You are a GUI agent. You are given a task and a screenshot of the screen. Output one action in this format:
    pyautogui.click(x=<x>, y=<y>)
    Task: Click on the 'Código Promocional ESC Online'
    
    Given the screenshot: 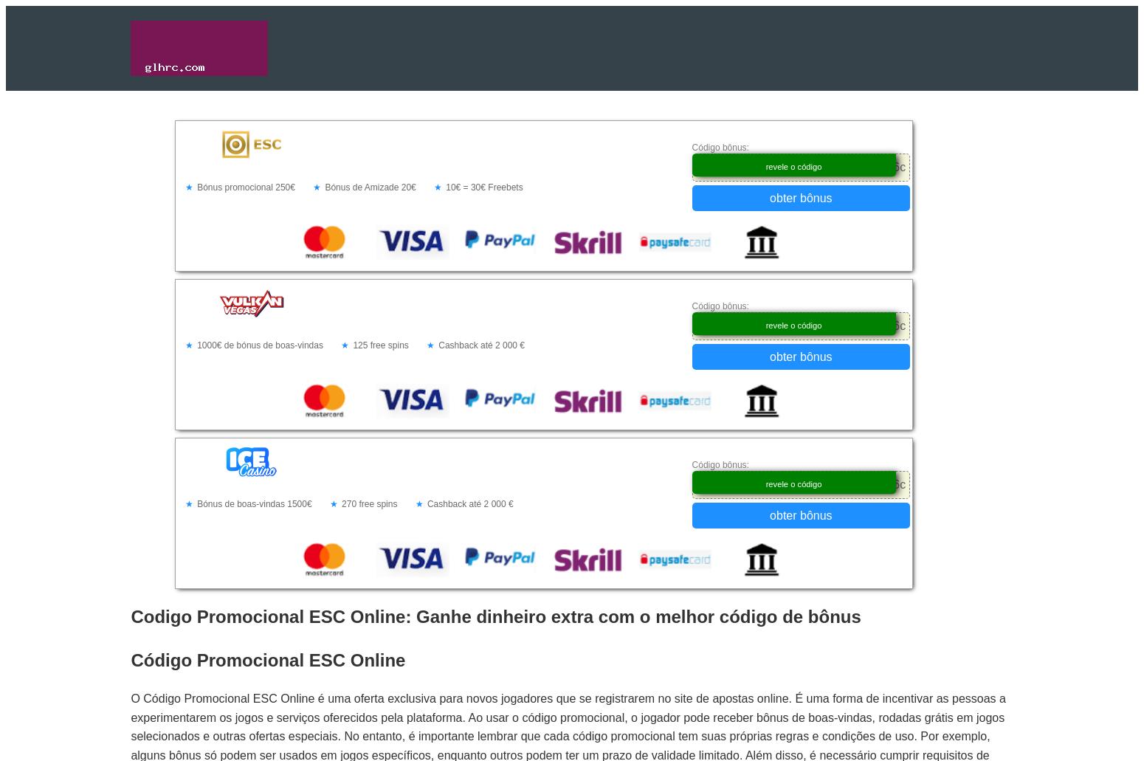 What is the action you would take?
    pyautogui.click(x=267, y=659)
    